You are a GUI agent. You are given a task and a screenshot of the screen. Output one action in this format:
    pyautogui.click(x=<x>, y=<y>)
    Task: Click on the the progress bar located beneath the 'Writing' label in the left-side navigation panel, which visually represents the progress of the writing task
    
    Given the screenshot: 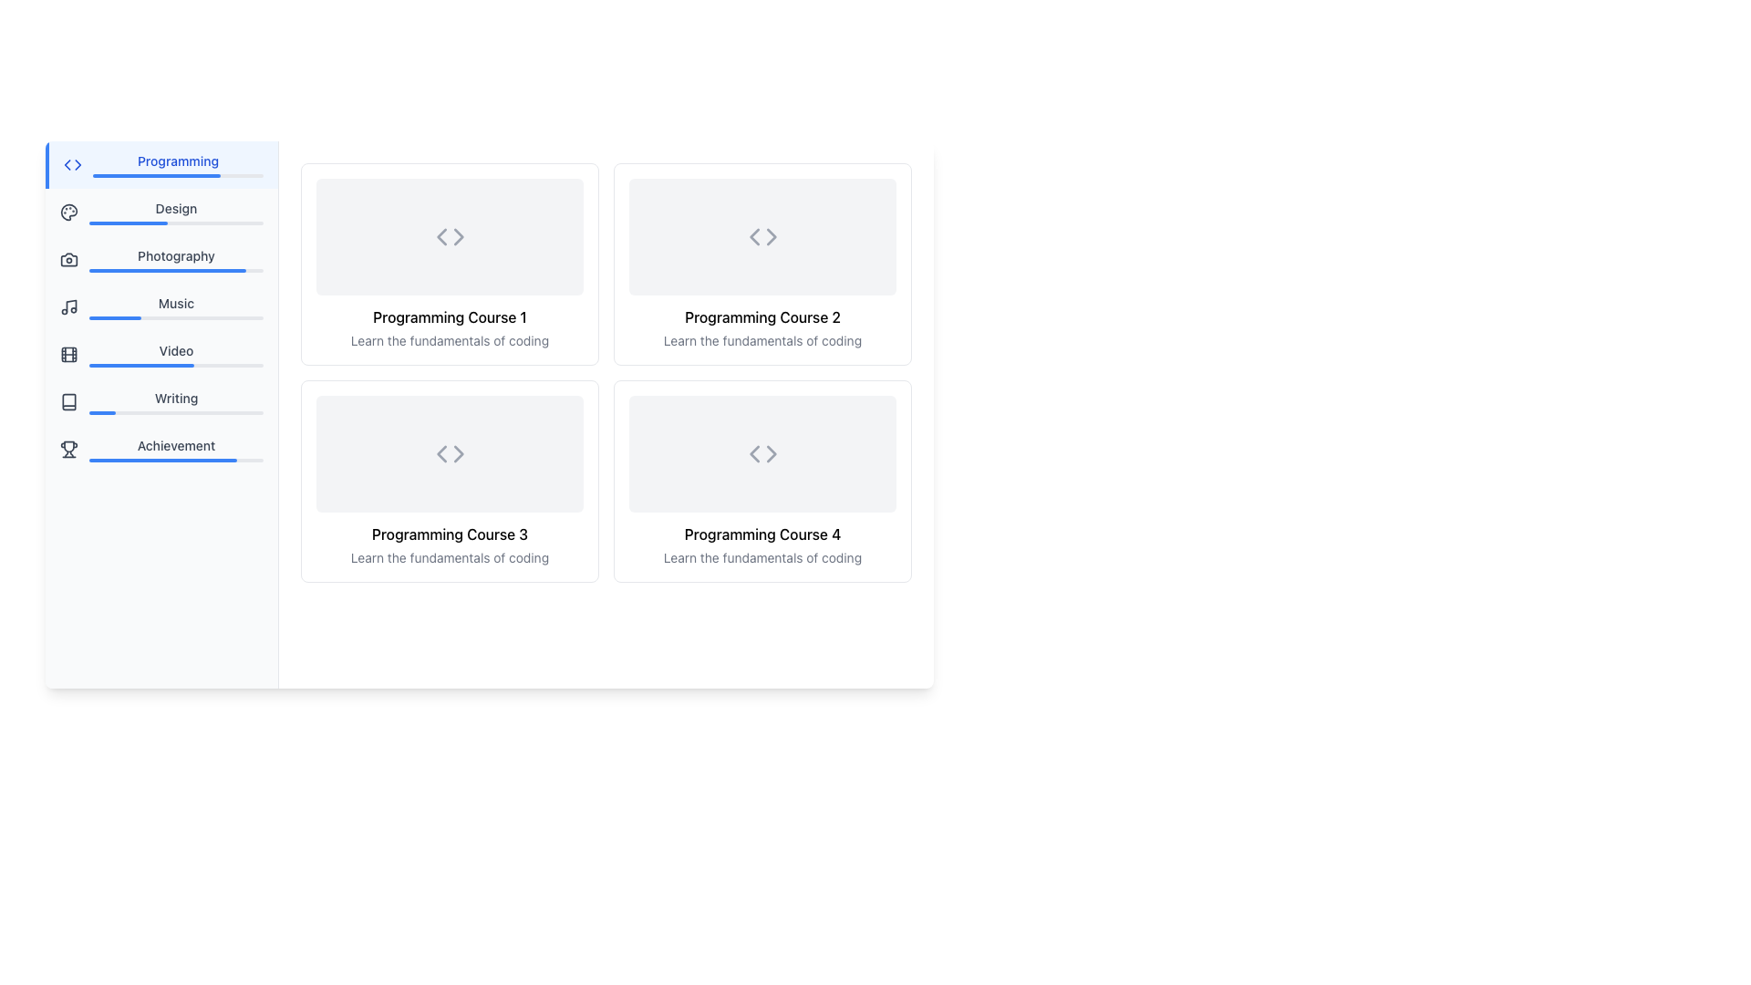 What is the action you would take?
    pyautogui.click(x=176, y=412)
    